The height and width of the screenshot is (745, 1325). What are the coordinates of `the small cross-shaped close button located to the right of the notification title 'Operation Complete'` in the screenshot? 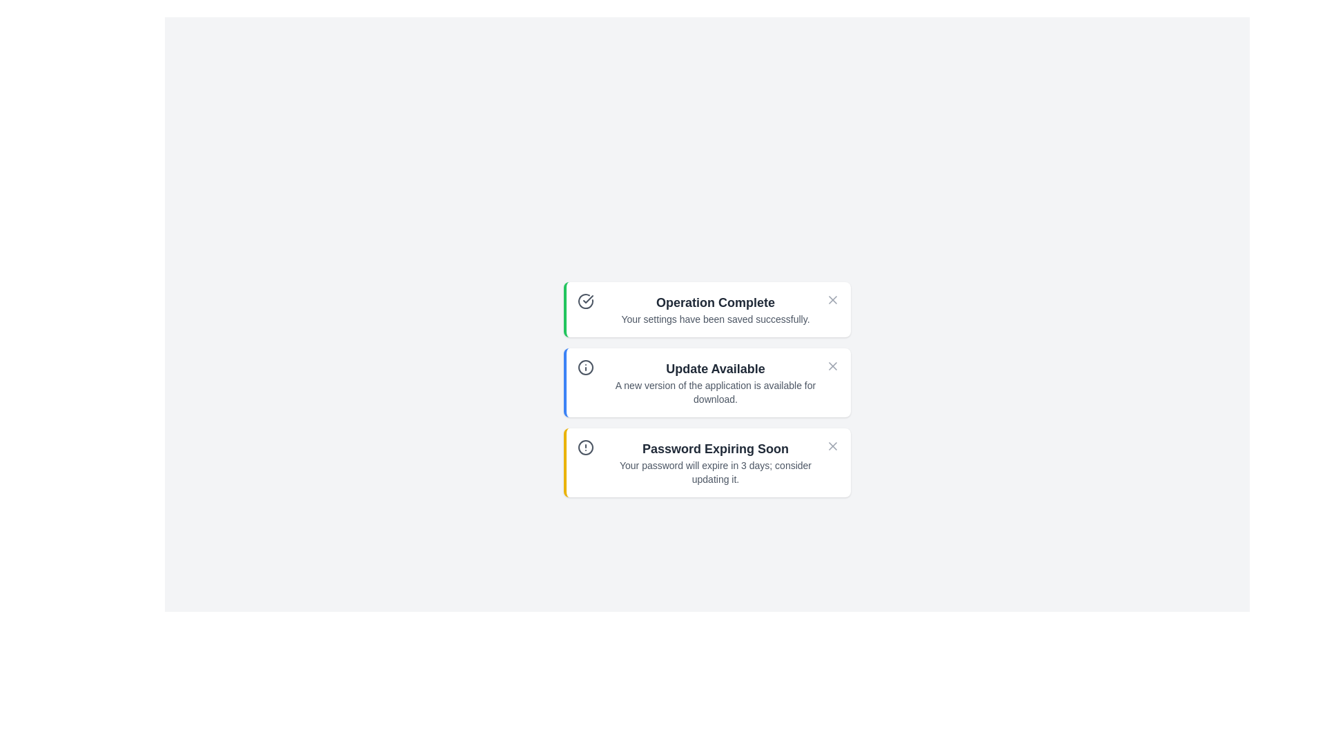 It's located at (832, 299).